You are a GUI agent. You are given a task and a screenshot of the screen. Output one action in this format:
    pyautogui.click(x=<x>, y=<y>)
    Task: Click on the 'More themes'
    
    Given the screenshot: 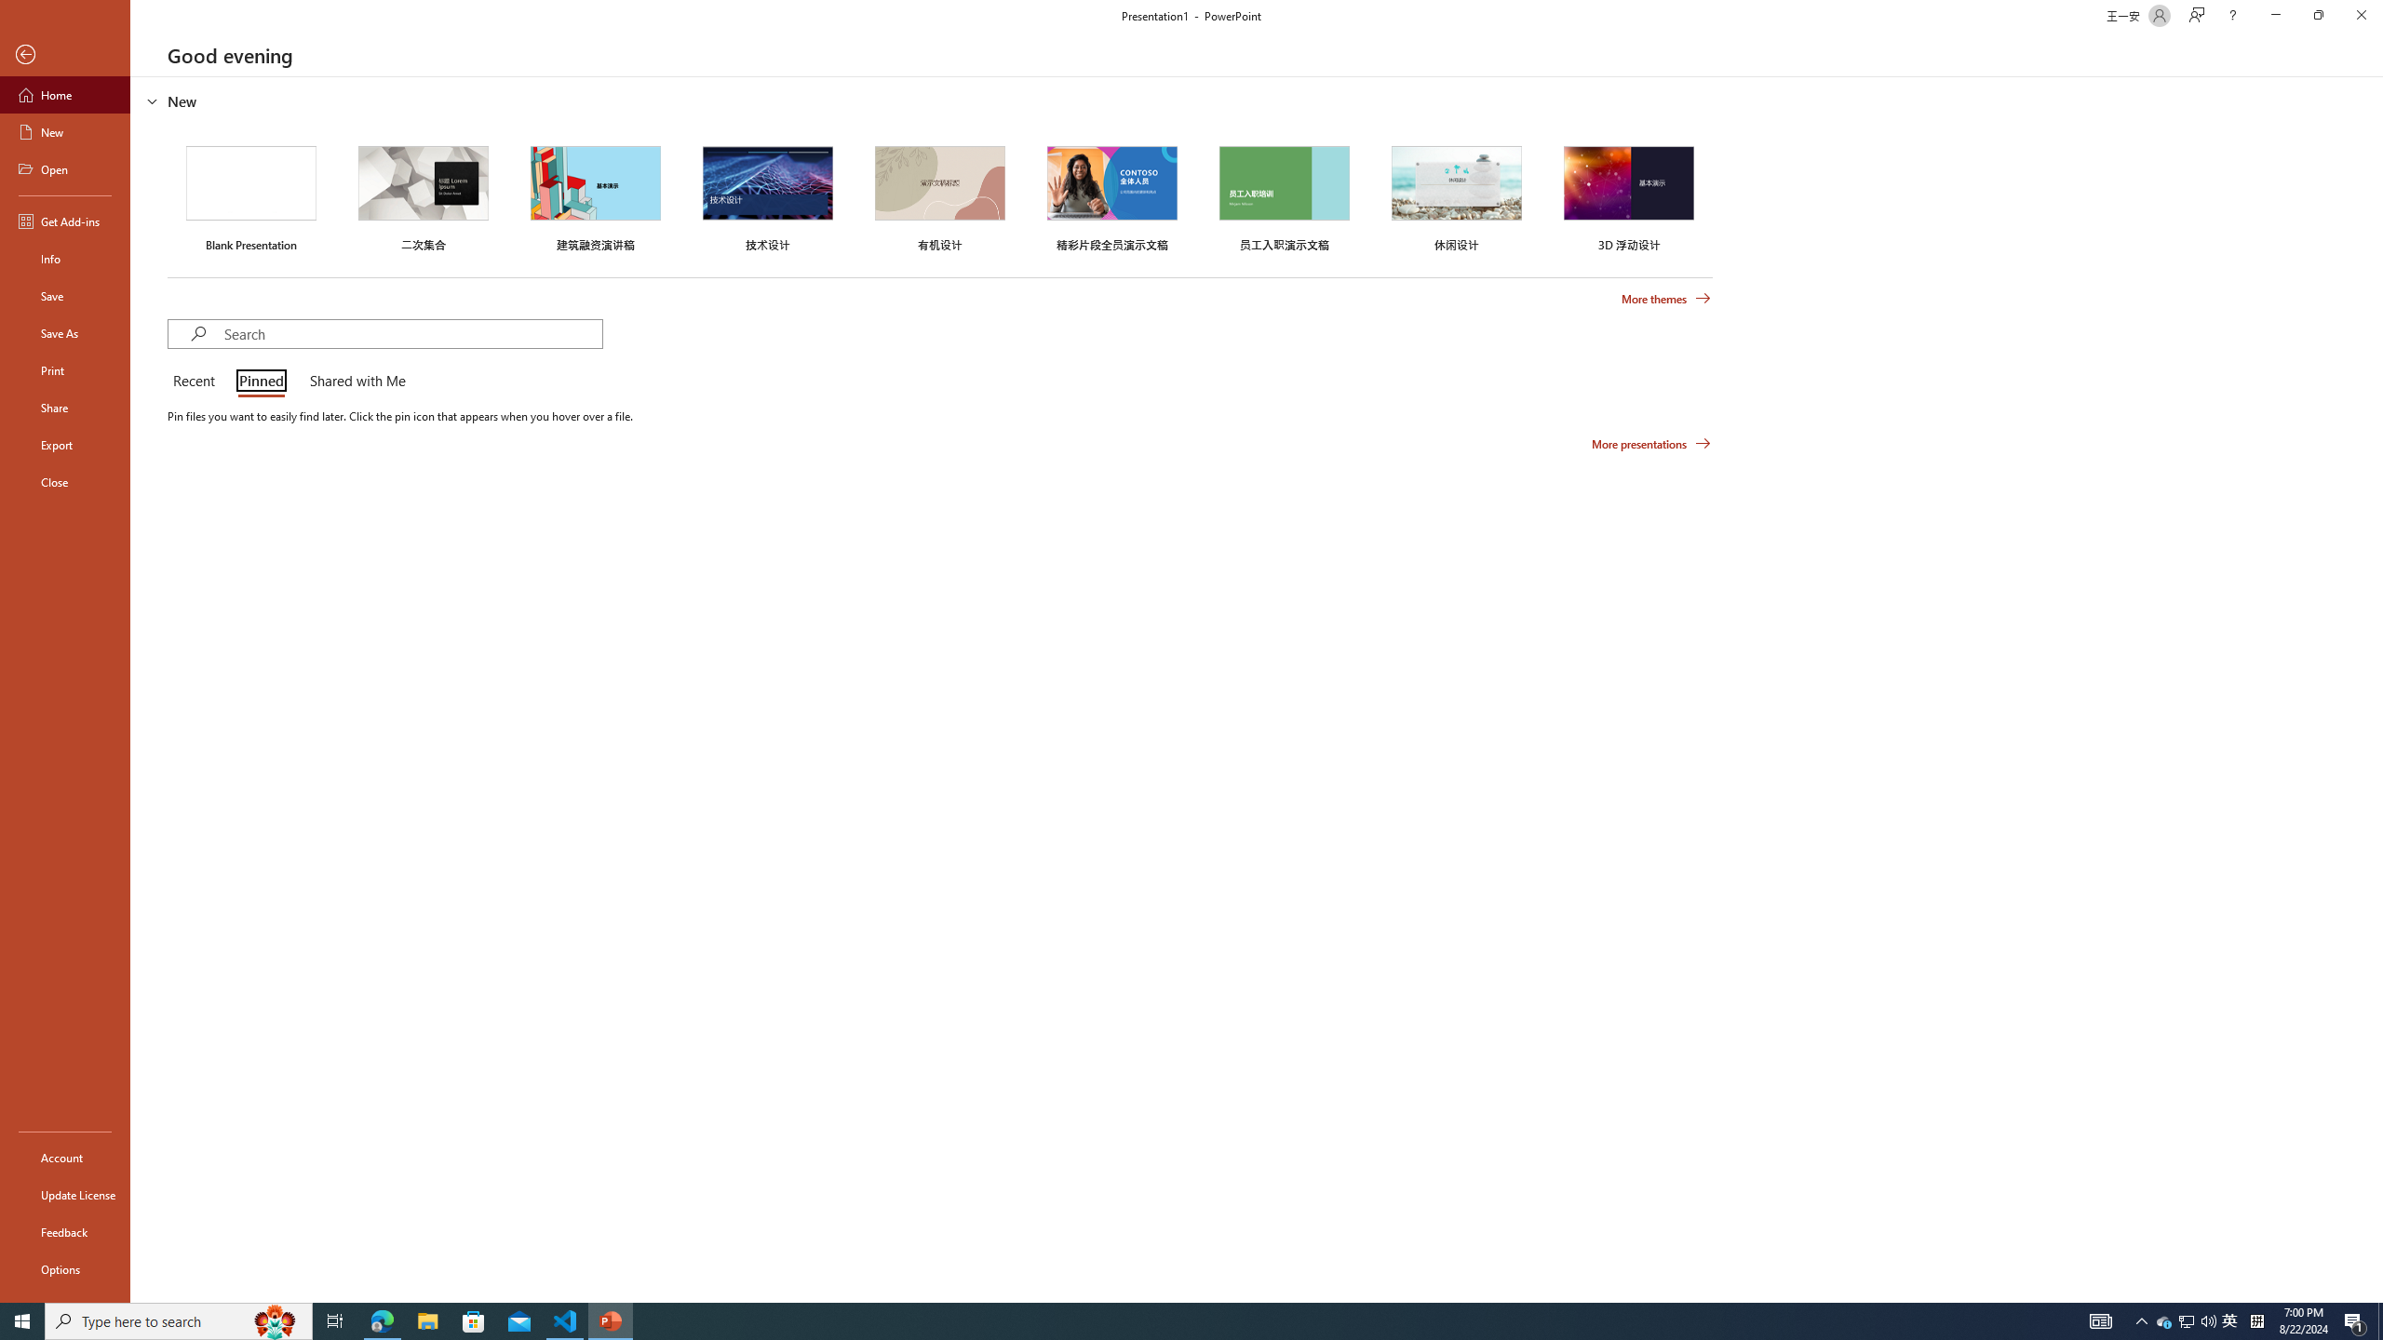 What is the action you would take?
    pyautogui.click(x=1665, y=299)
    